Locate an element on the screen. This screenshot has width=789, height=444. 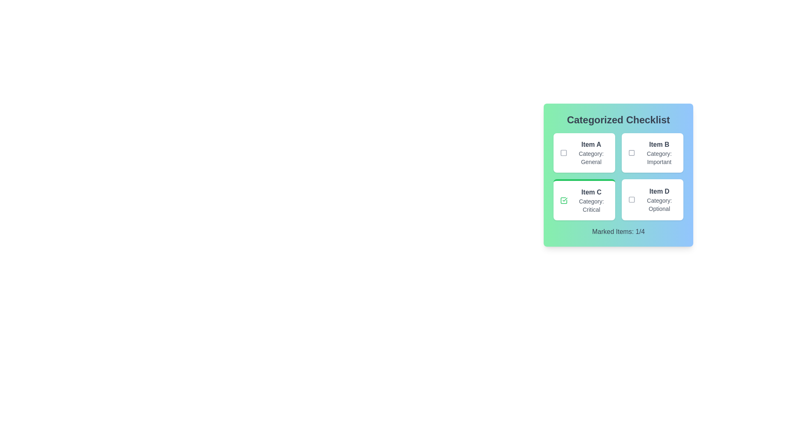
the checklist item labeled Item D to view its hover effects is located at coordinates (652, 200).